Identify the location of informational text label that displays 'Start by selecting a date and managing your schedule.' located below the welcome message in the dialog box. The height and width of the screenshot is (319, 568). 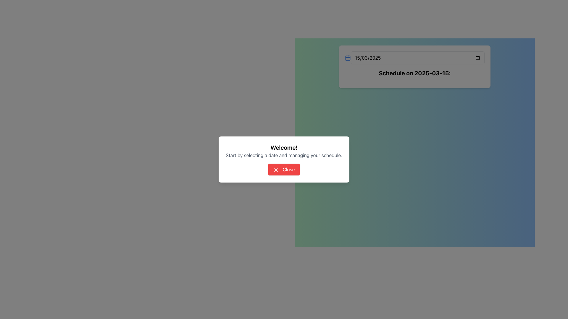
(284, 155).